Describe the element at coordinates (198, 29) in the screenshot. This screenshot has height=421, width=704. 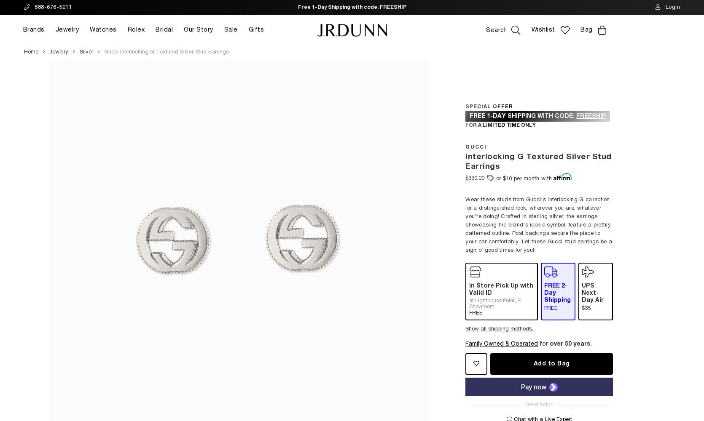
I see `'Our Story'` at that location.